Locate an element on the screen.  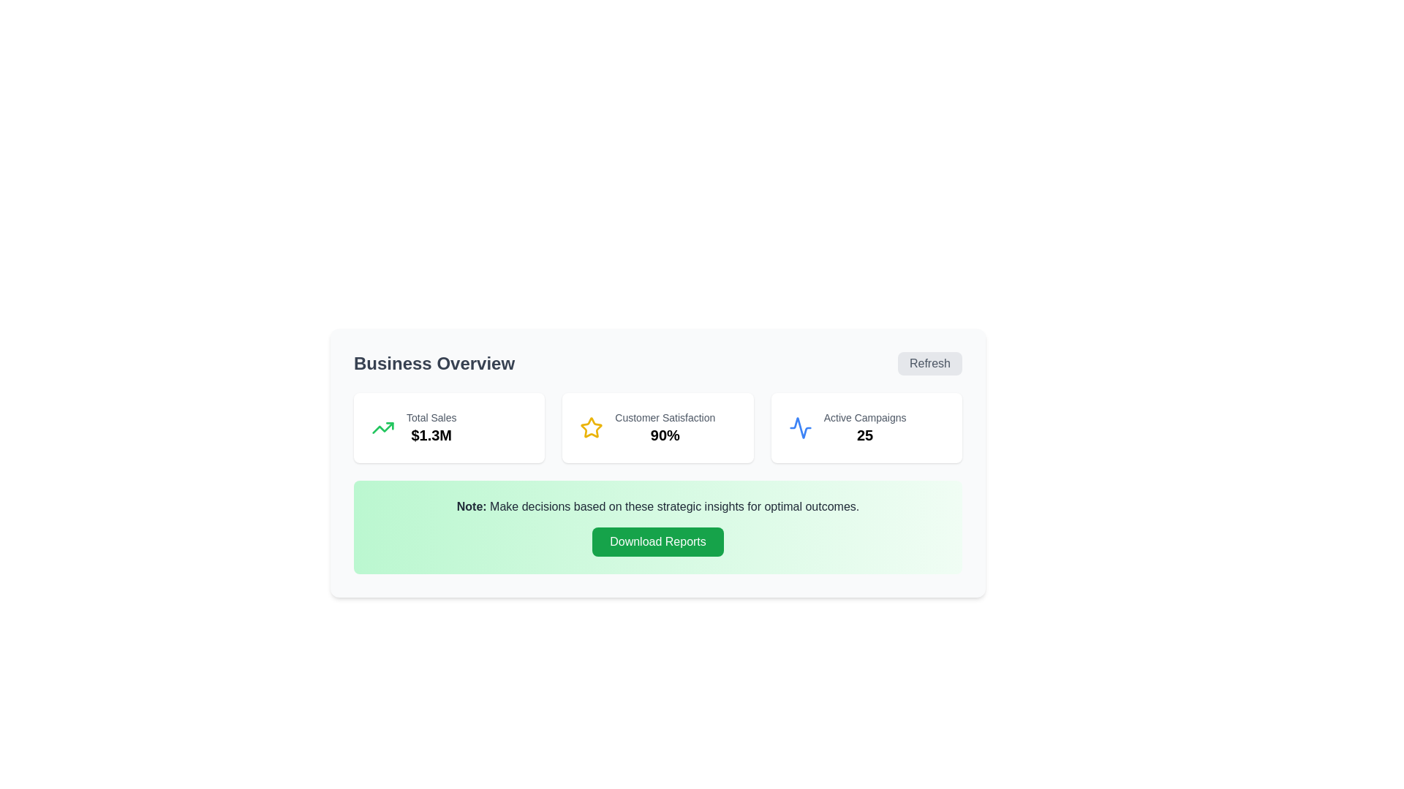
the text element that displays the percentage representing customer satisfaction, located directly below the 'Customer Satisfaction' label is located at coordinates (664, 435).